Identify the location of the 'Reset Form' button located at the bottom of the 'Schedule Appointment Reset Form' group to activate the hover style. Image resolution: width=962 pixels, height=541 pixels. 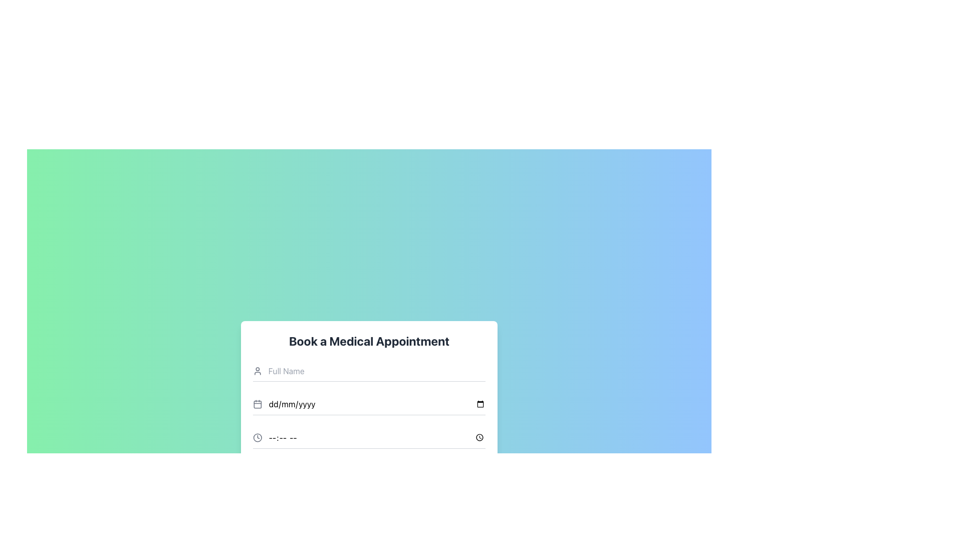
(369, 496).